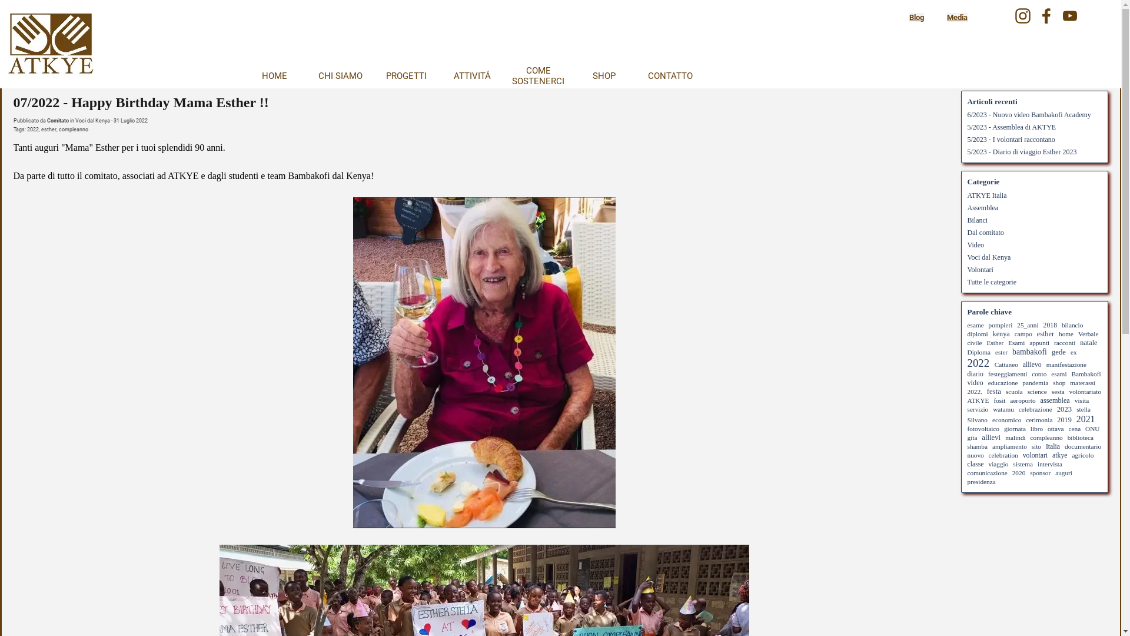  Describe the element at coordinates (1058, 391) in the screenshot. I see `'sesta'` at that location.